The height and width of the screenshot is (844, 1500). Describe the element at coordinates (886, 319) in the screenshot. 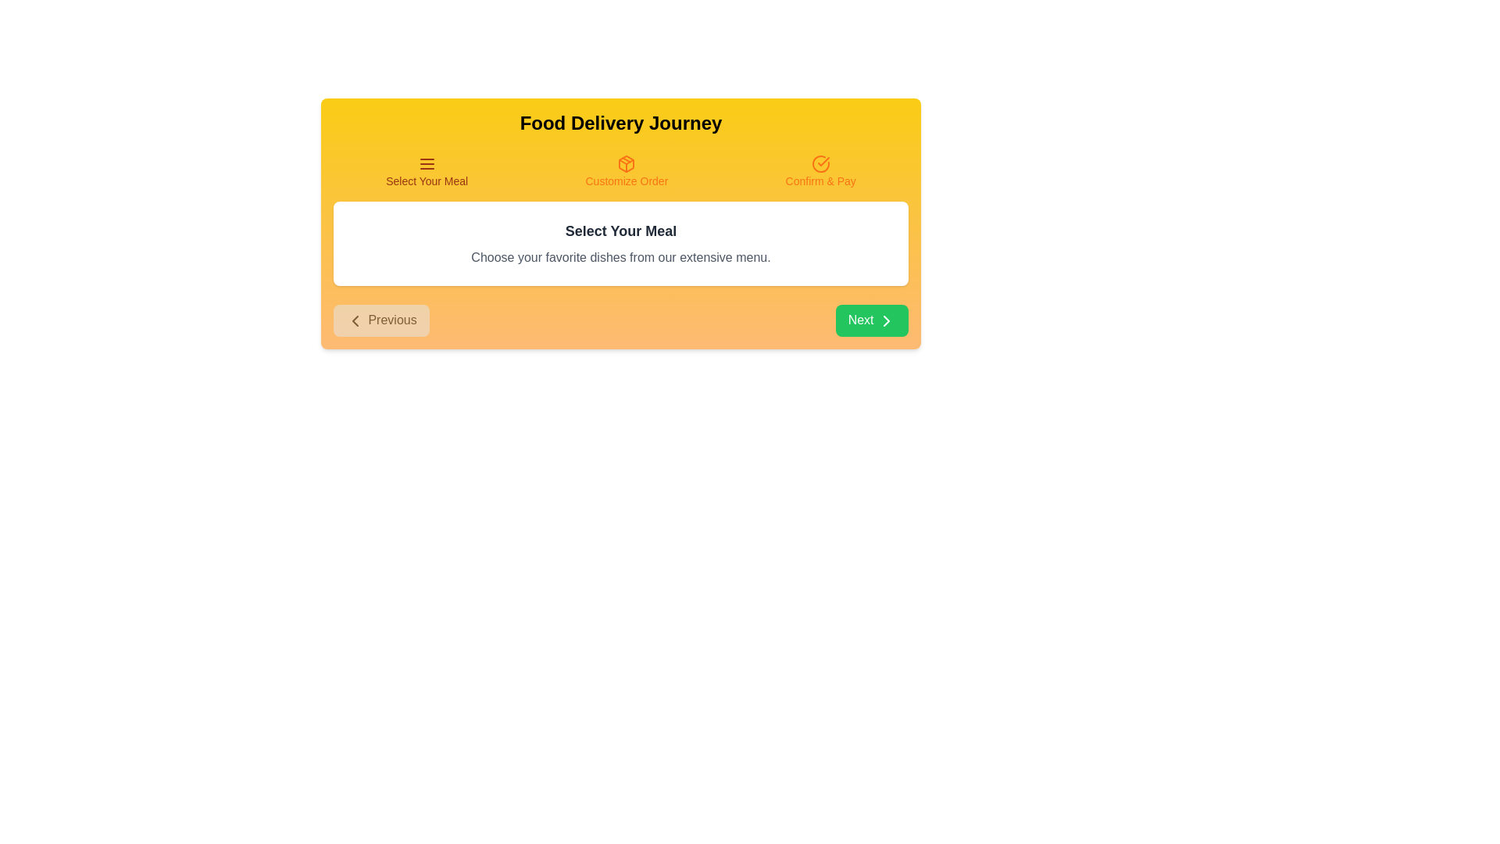

I see `the 'Next' button located in the bottom-right corner of the interface` at that location.